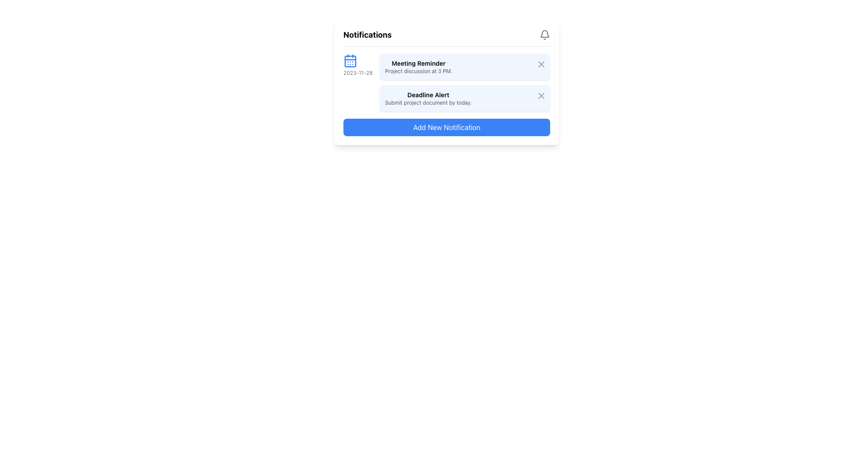 Image resolution: width=841 pixels, height=473 pixels. I want to click on the notification icon located in the header section at the top-right, next to the 'Notifications' title, so click(544, 35).